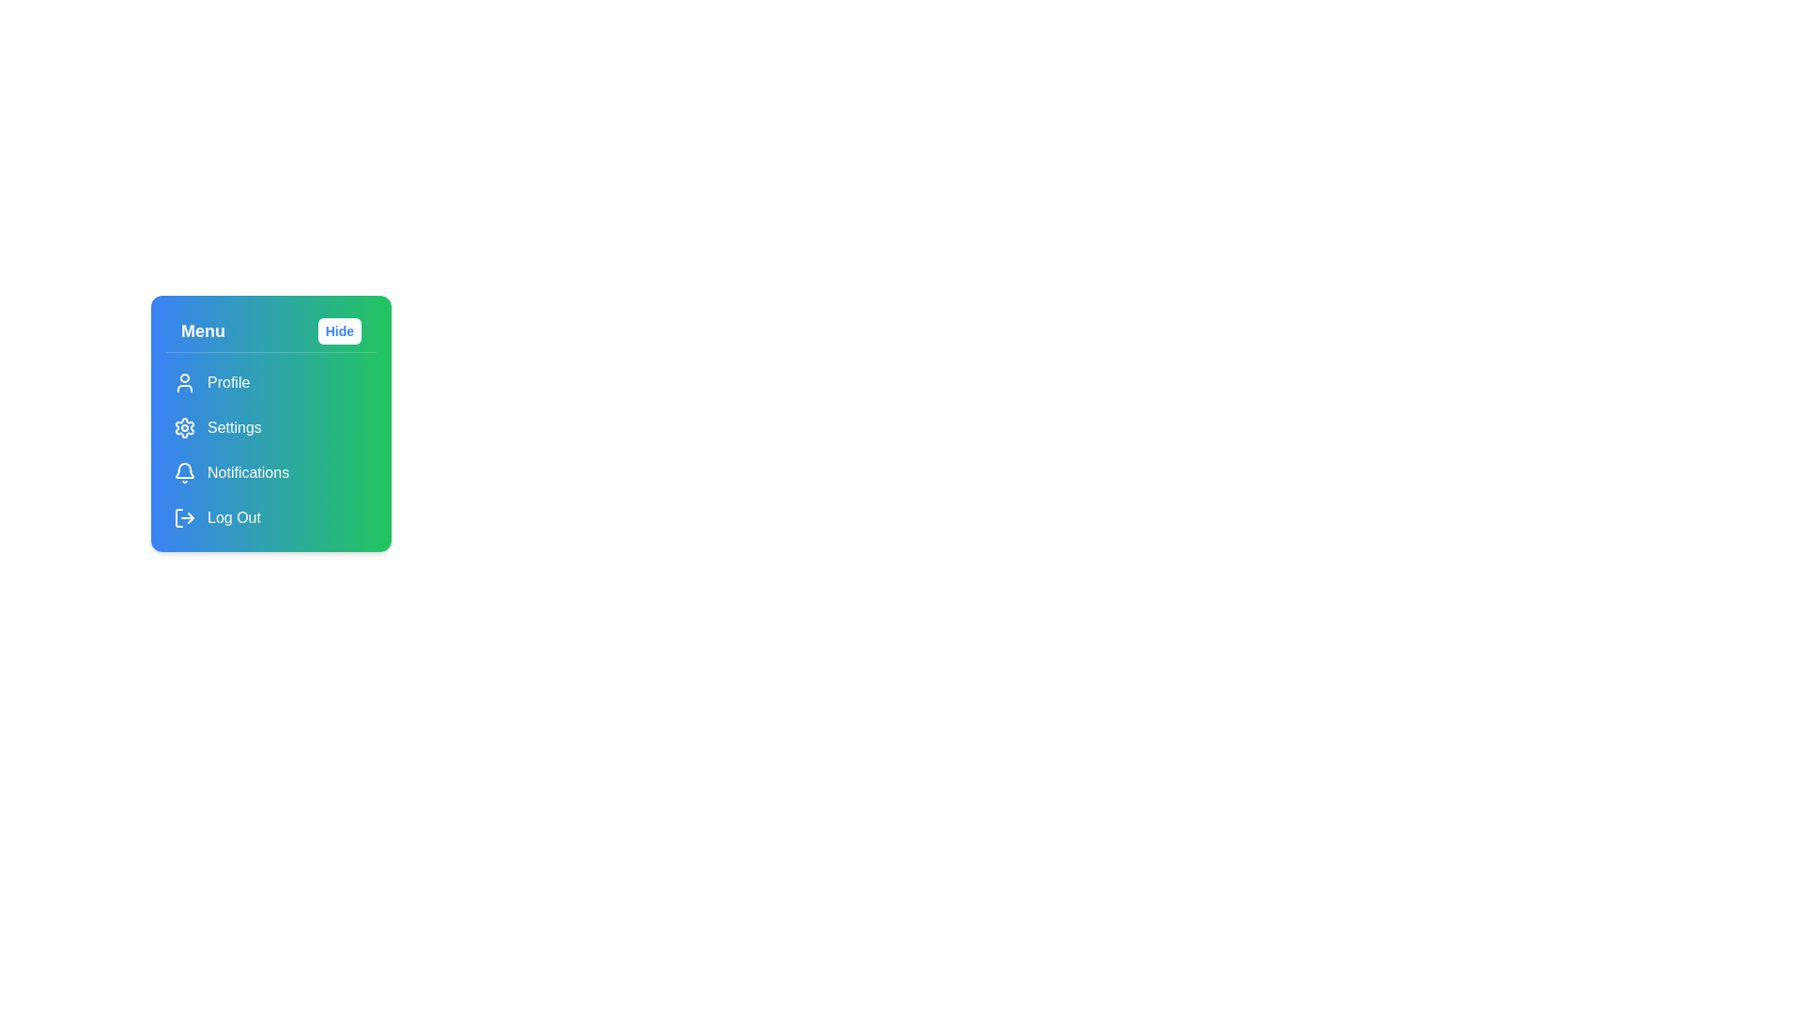 The image size is (1803, 1014). Describe the element at coordinates (233, 427) in the screenshot. I see `the second text label in the vertical menu list, which is positioned below the 'Profile' menu item and above the 'Notifications' menu item` at that location.